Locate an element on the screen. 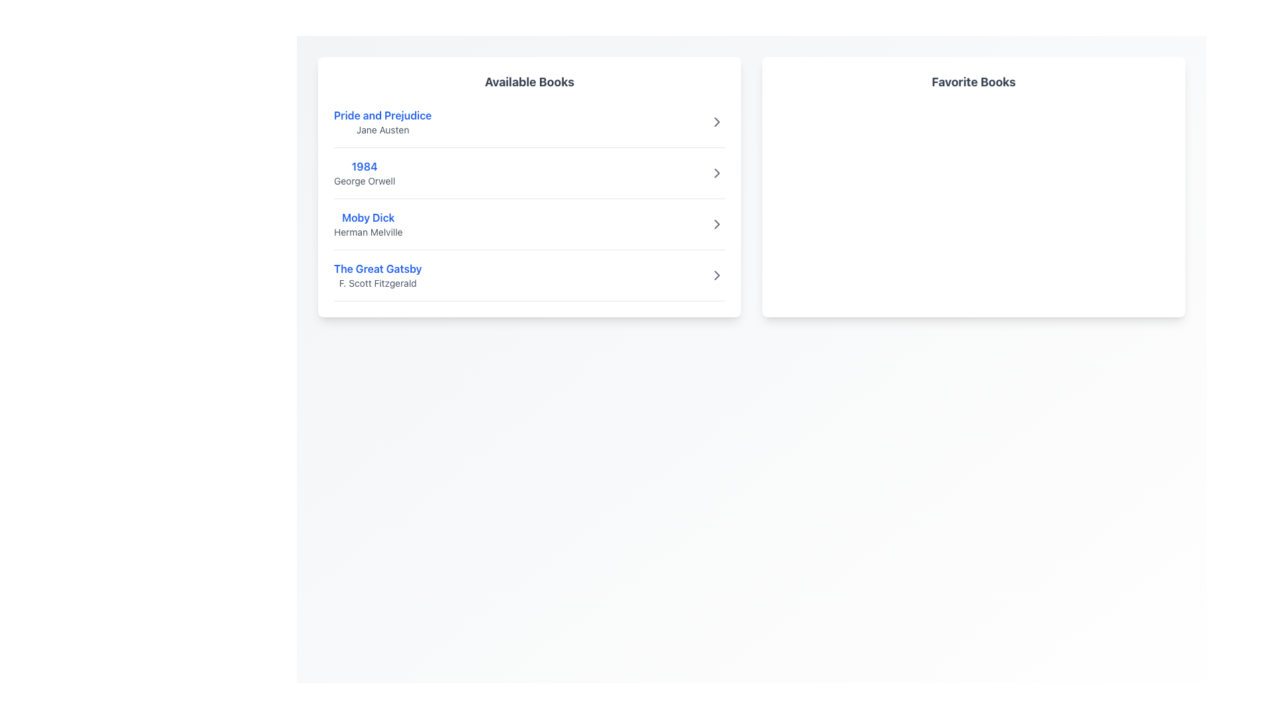 The width and height of the screenshot is (1275, 717). the first row of the book list in the 'Available Books' section is located at coordinates (529, 127).